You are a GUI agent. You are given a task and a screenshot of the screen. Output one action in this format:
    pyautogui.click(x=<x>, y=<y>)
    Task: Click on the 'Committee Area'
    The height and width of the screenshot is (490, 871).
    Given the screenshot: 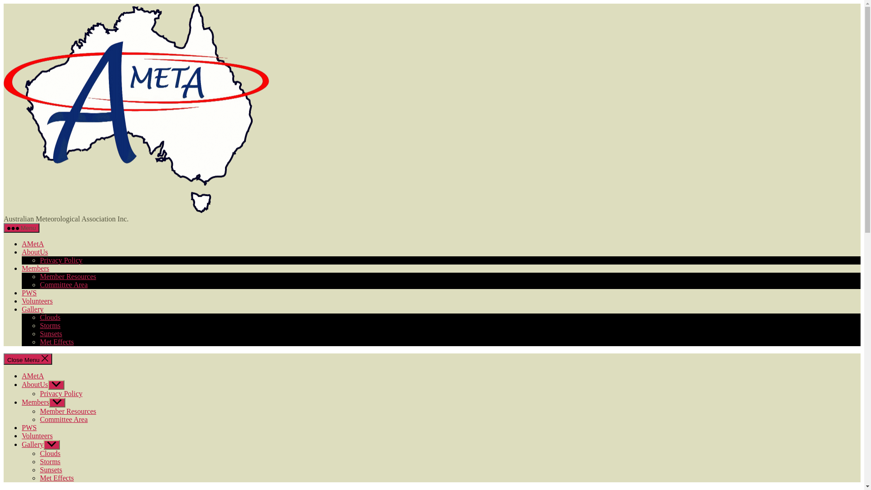 What is the action you would take?
    pyautogui.click(x=39, y=419)
    